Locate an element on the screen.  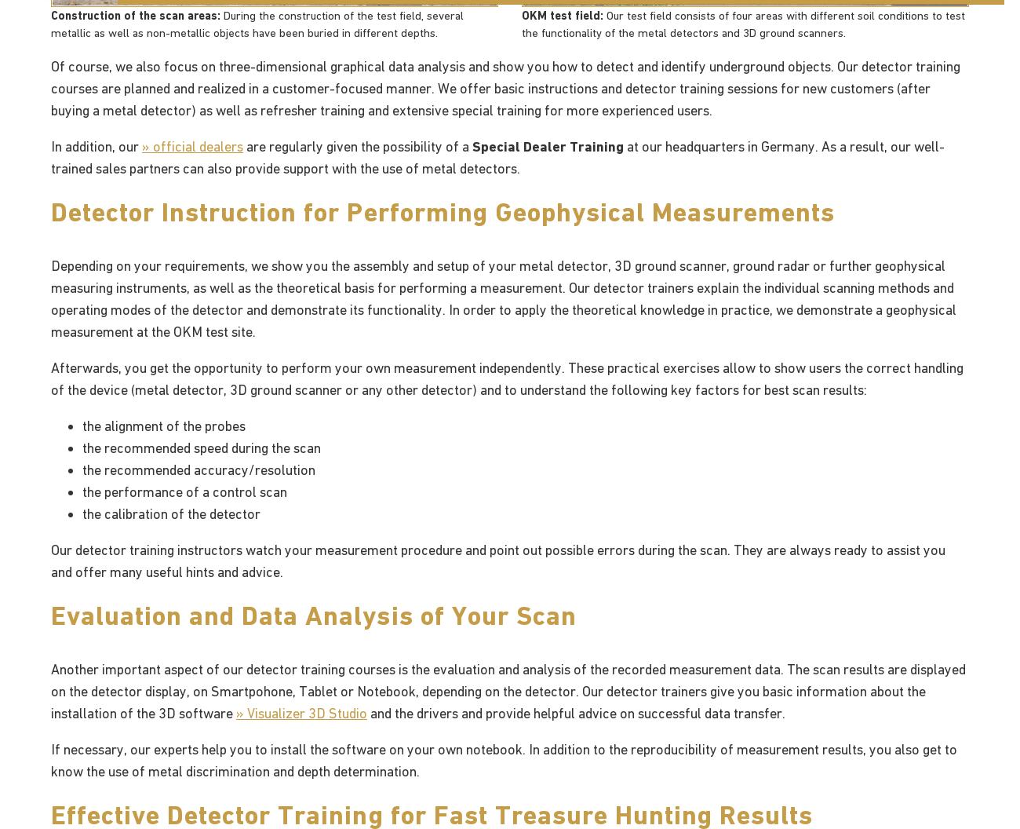
'Afterwards, you get the opportunity to perform your own measurement independently. These practical exercises allow to show users the correct handling of the device (metal detector, 3D ground scanner or any other detector) and to understand the following key factors for best scan results:' is located at coordinates (507, 377).